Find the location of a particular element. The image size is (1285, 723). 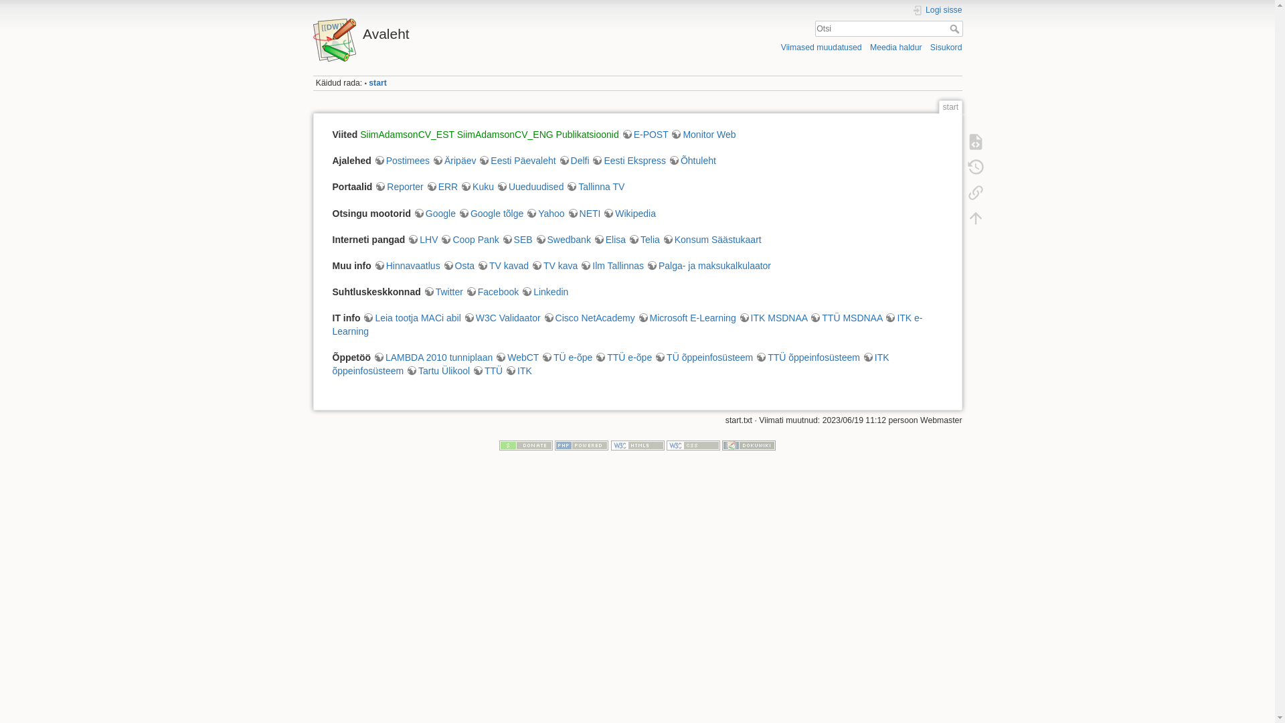

'Eelmised versioonid [o]' is located at coordinates (975, 167).